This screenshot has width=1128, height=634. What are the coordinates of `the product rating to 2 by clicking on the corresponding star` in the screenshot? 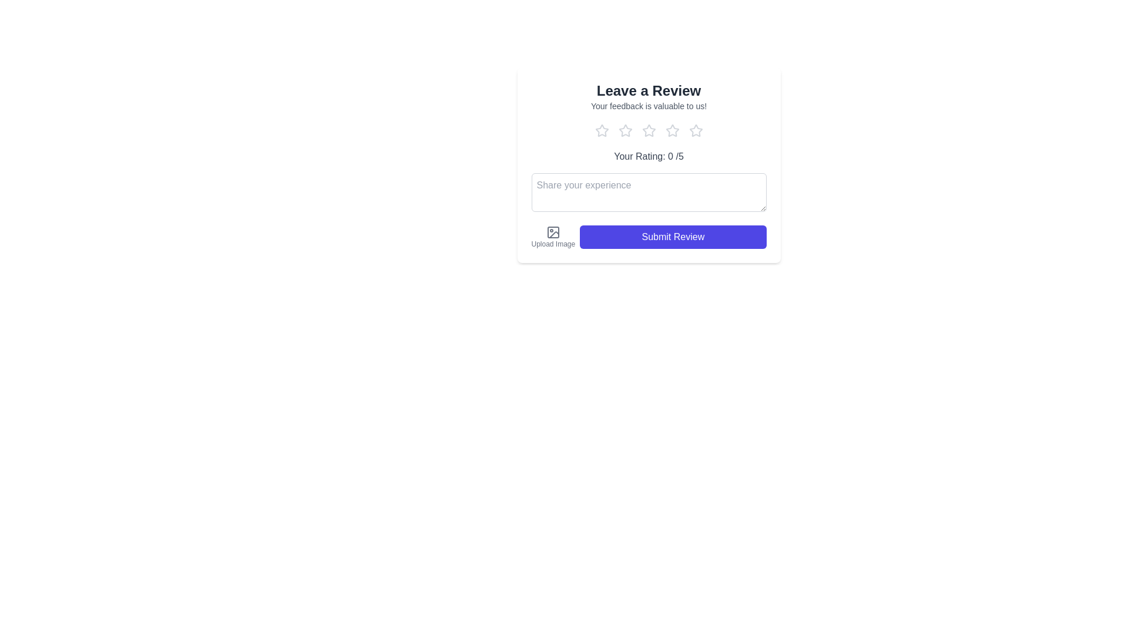 It's located at (625, 131).